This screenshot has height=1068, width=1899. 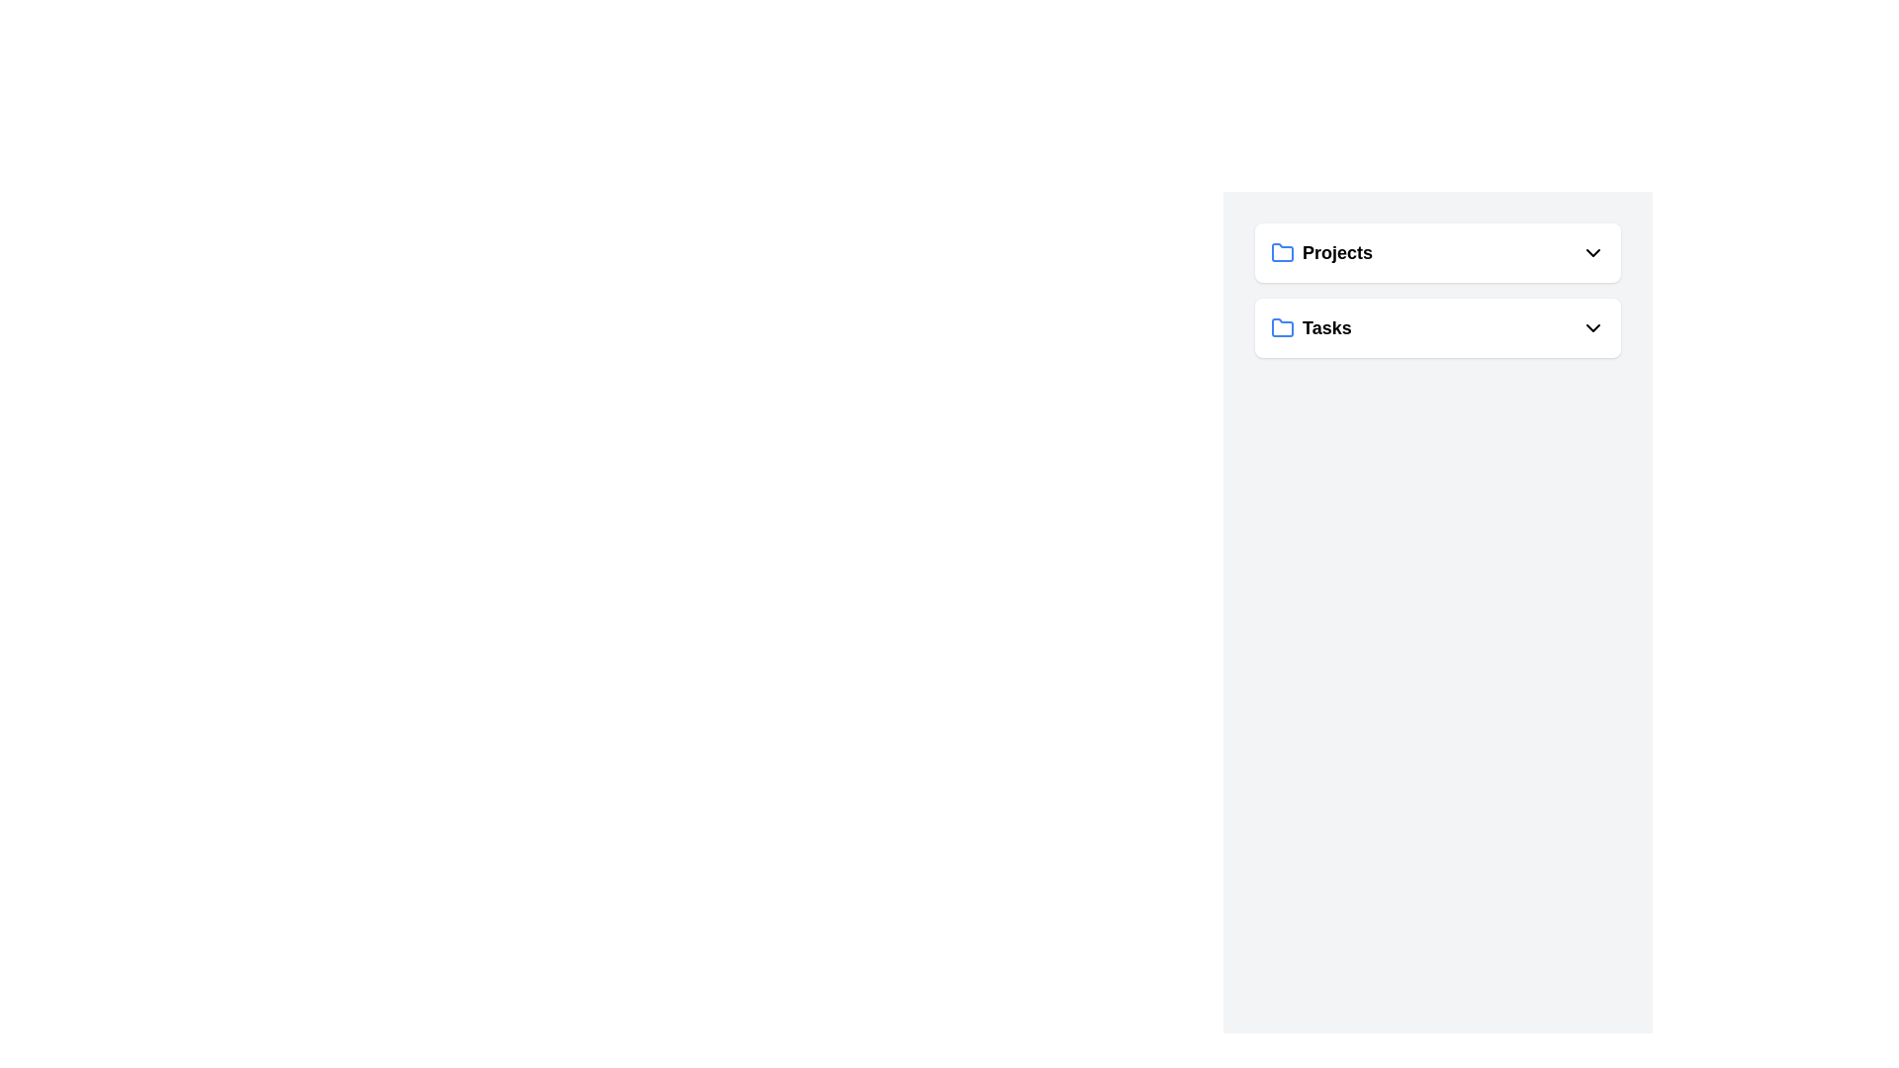 What do you see at coordinates (1593, 251) in the screenshot?
I see `the downward-pointing chevron icon located to the right of the 'Projects' label` at bounding box center [1593, 251].